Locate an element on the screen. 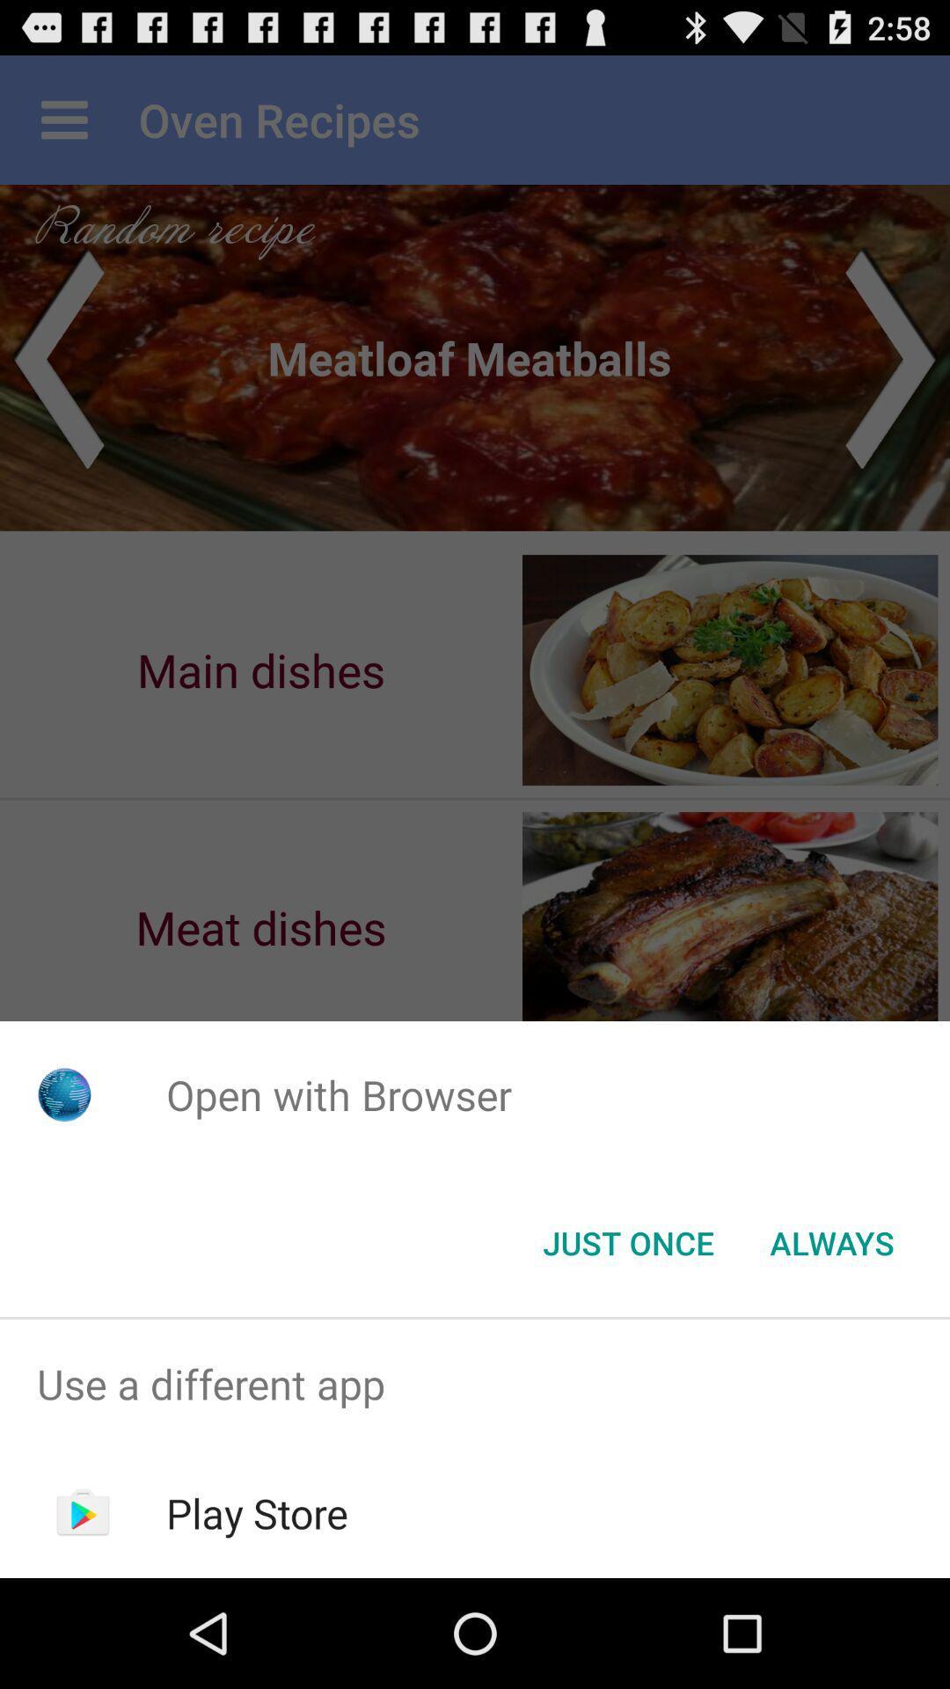  always icon is located at coordinates (831, 1241).